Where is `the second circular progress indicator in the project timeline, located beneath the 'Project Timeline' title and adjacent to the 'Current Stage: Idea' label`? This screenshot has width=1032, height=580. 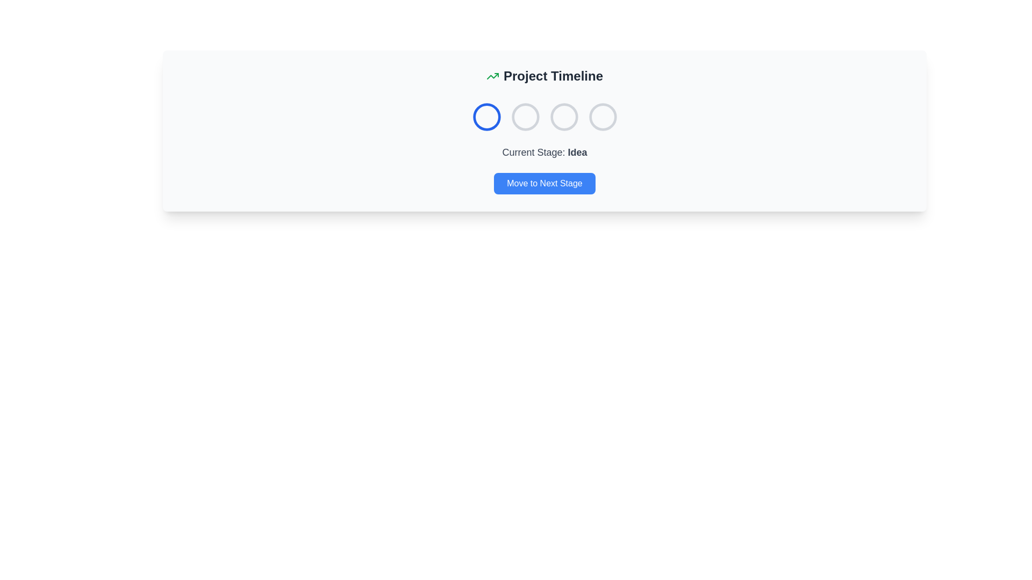
the second circular progress indicator in the project timeline, located beneath the 'Project Timeline' title and adjacent to the 'Current Stage: Idea' label is located at coordinates (525, 117).